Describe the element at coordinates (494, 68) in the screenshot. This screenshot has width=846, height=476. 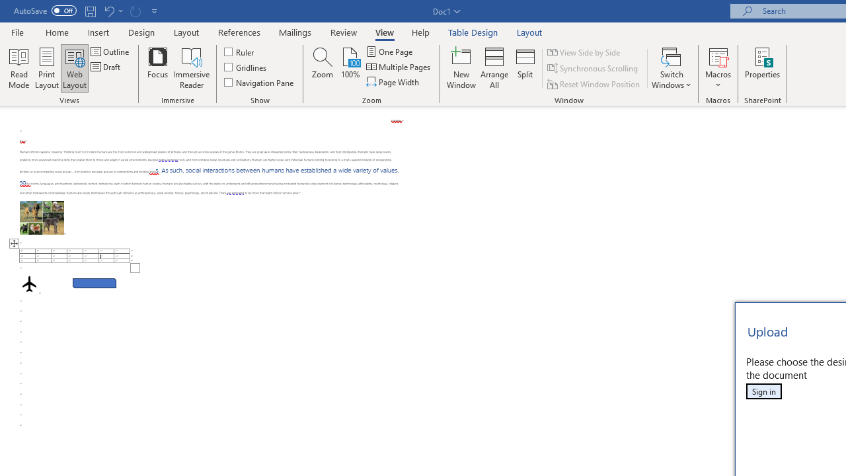
I see `'Arrange All'` at that location.